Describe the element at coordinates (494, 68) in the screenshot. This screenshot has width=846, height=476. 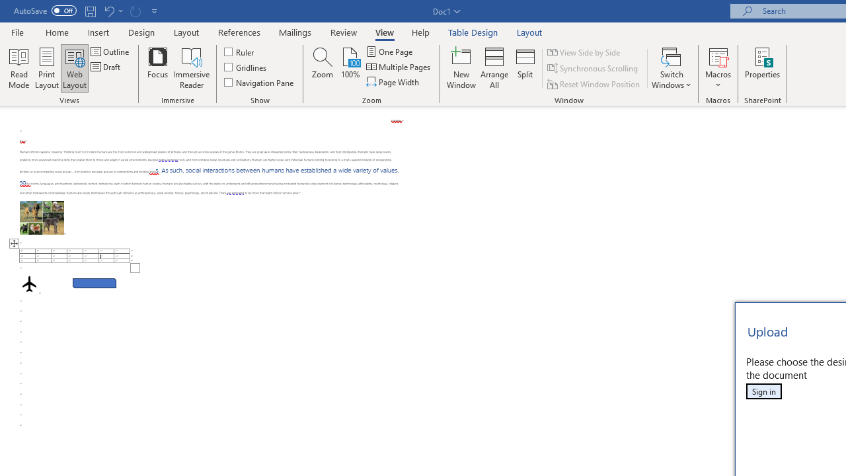
I see `'Arrange All'` at that location.